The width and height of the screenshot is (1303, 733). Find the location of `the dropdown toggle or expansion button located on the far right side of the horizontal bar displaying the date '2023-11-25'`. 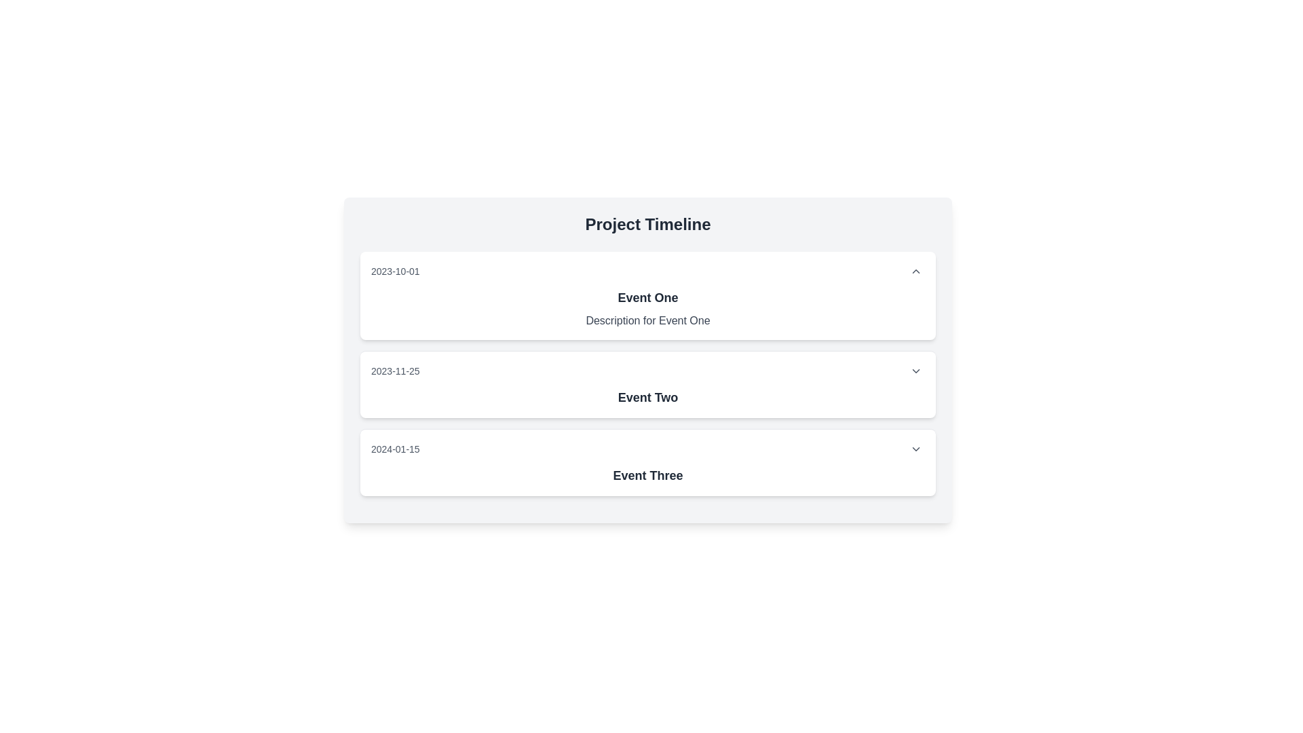

the dropdown toggle or expansion button located on the far right side of the horizontal bar displaying the date '2023-11-25' is located at coordinates (915, 371).